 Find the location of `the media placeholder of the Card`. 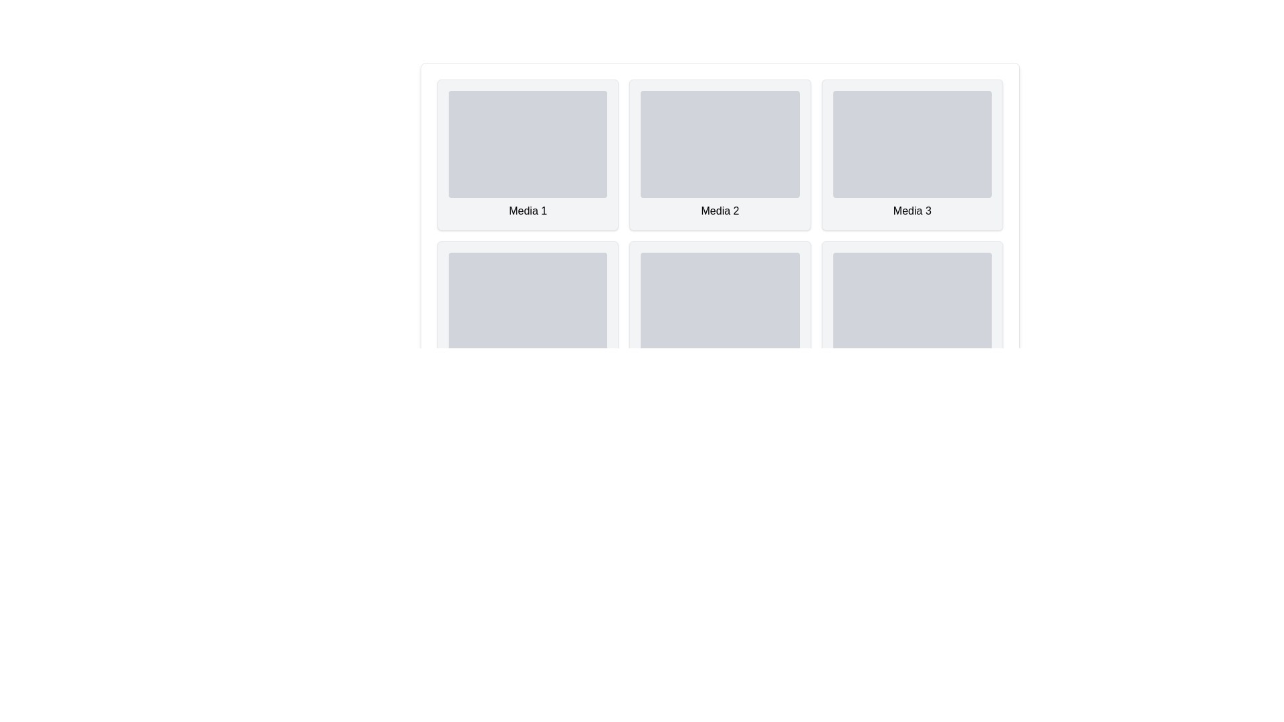

the media placeholder of the Card is located at coordinates (912, 154).